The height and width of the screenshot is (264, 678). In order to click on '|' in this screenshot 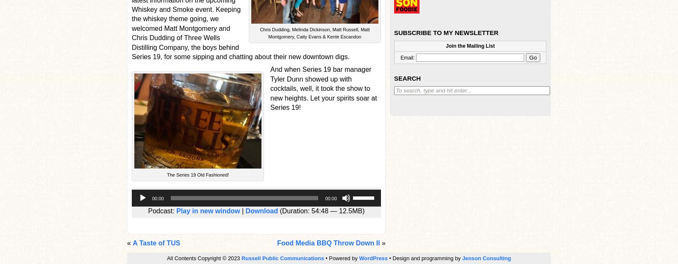, I will do `click(242, 210)`.